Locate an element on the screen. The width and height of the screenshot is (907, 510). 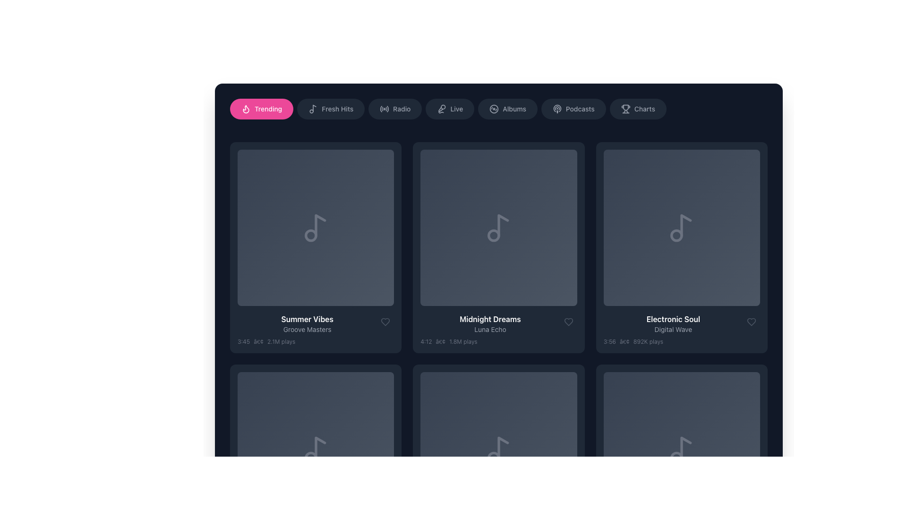
the 'Fresh Hits' button, which is styled with a dark gray background and gray text, located in the horizontal navigation bar as the second option from the left is located at coordinates (331, 109).